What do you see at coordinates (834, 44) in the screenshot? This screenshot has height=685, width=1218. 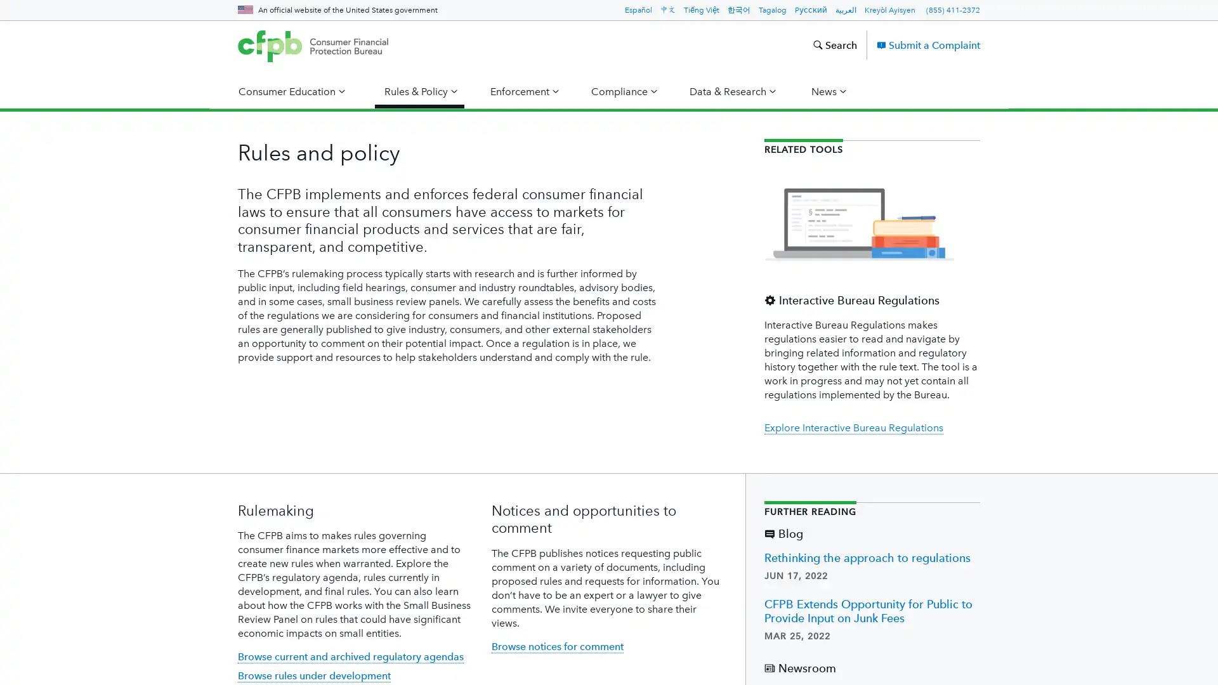 I see `Search the consumerfinance.gov website` at bounding box center [834, 44].